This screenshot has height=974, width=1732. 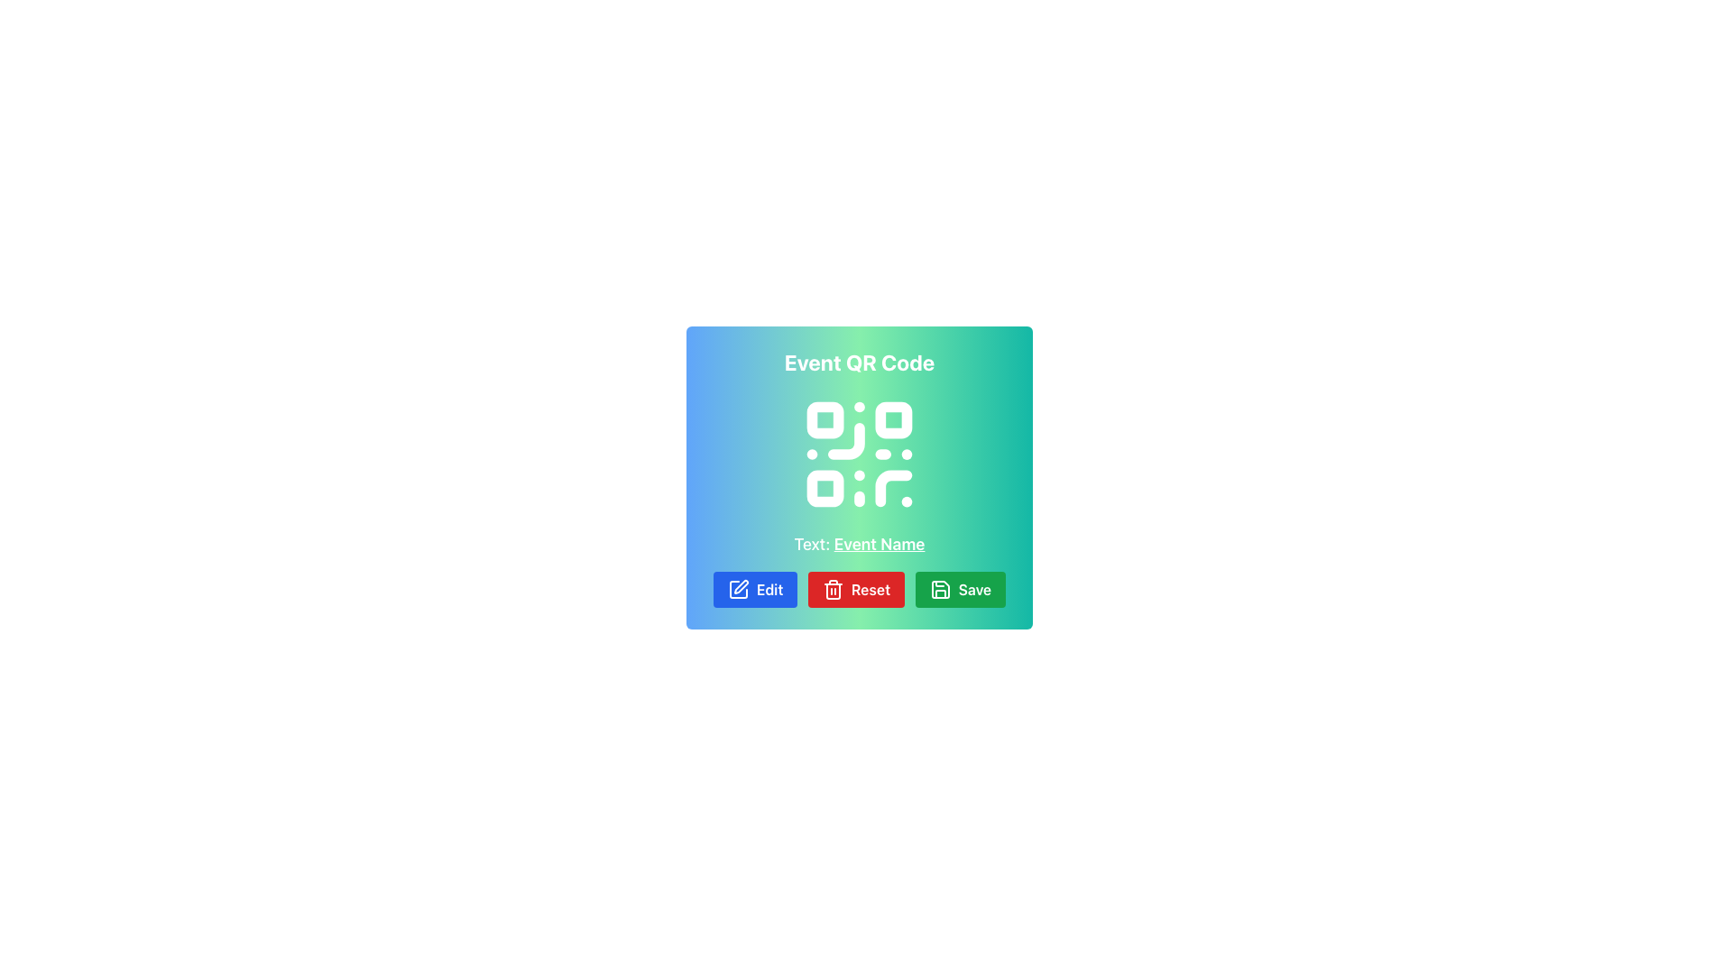 What do you see at coordinates (832, 590) in the screenshot?
I see `the icon within the 'Reset' button, which signifies the action of deleting or resetting, located in the bottom middle section of the interface` at bounding box center [832, 590].